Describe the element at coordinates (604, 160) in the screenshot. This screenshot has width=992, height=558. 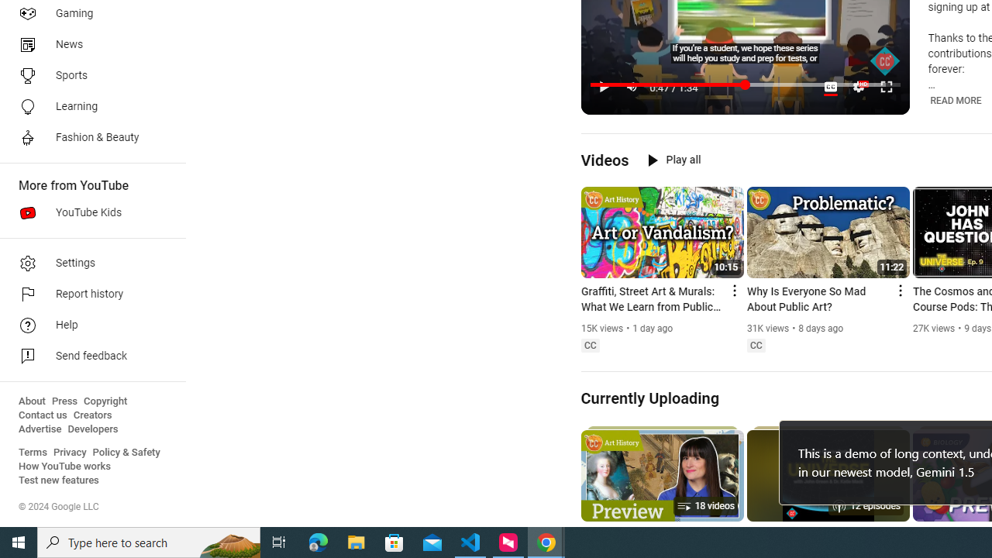
I see `'Videos'` at that location.